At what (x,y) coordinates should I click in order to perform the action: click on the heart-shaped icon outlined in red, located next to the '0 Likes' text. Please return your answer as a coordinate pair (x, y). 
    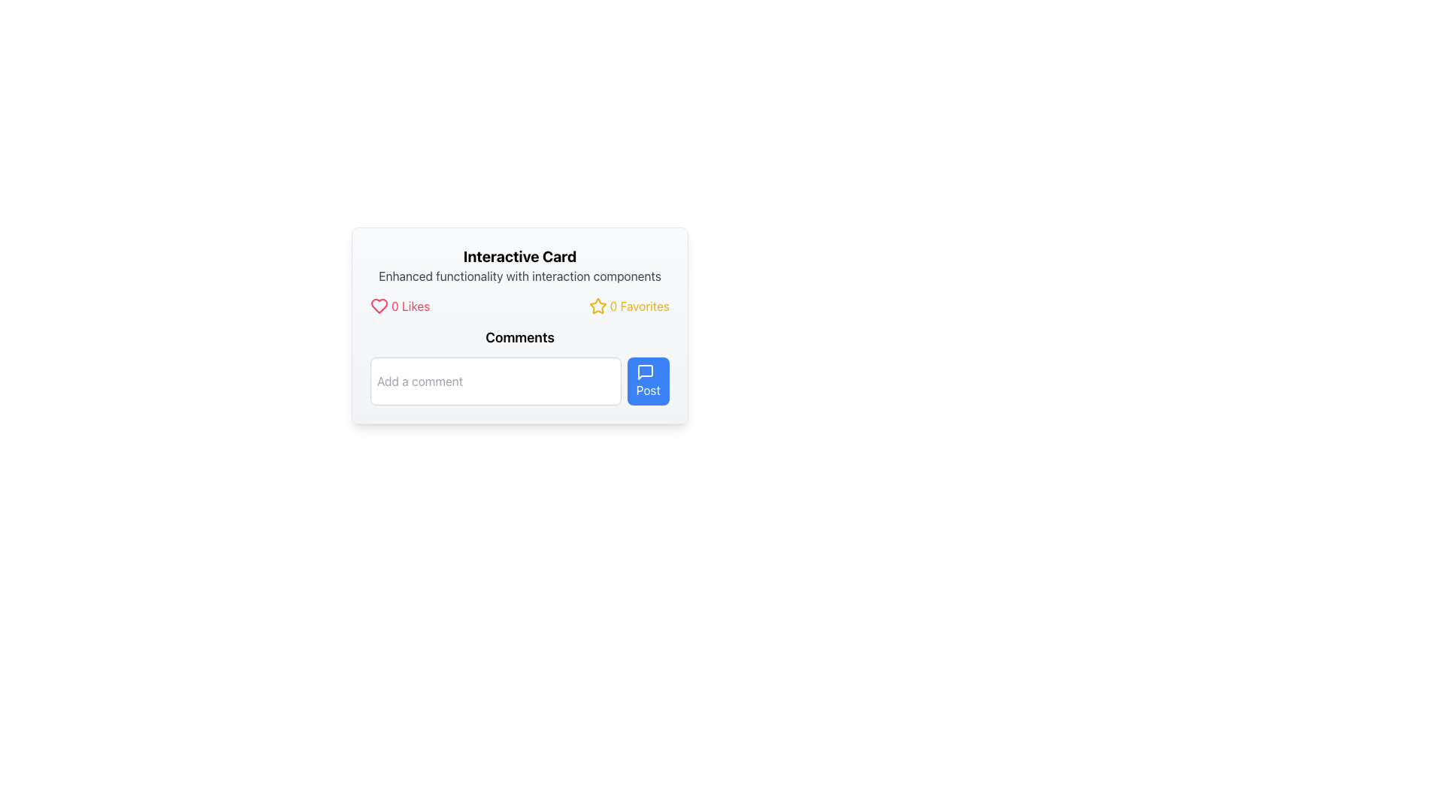
    Looking at the image, I should click on (379, 306).